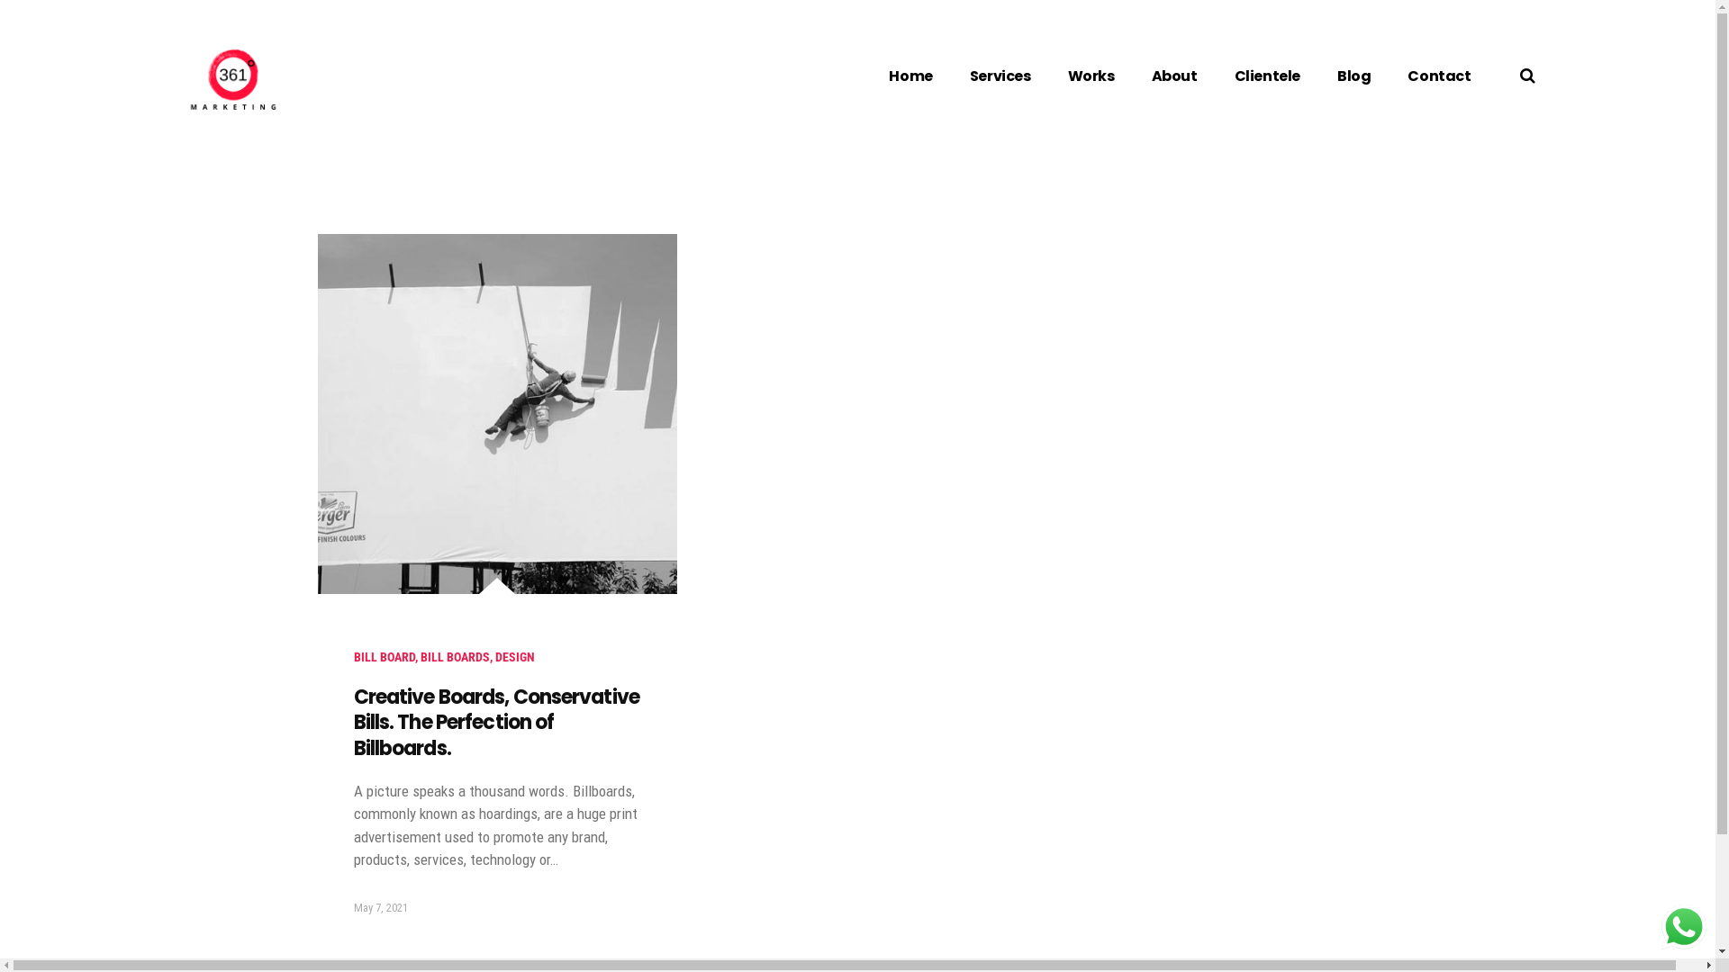 Image resolution: width=1729 pixels, height=972 pixels. What do you see at coordinates (1438, 75) in the screenshot?
I see `'Contact'` at bounding box center [1438, 75].